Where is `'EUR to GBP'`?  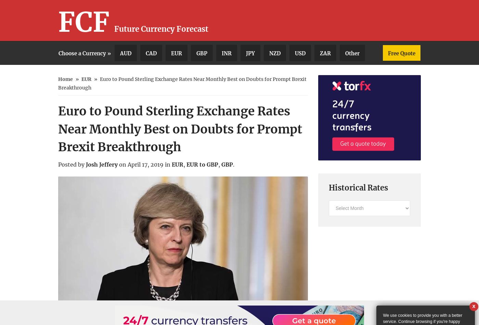
'EUR to GBP' is located at coordinates (202, 164).